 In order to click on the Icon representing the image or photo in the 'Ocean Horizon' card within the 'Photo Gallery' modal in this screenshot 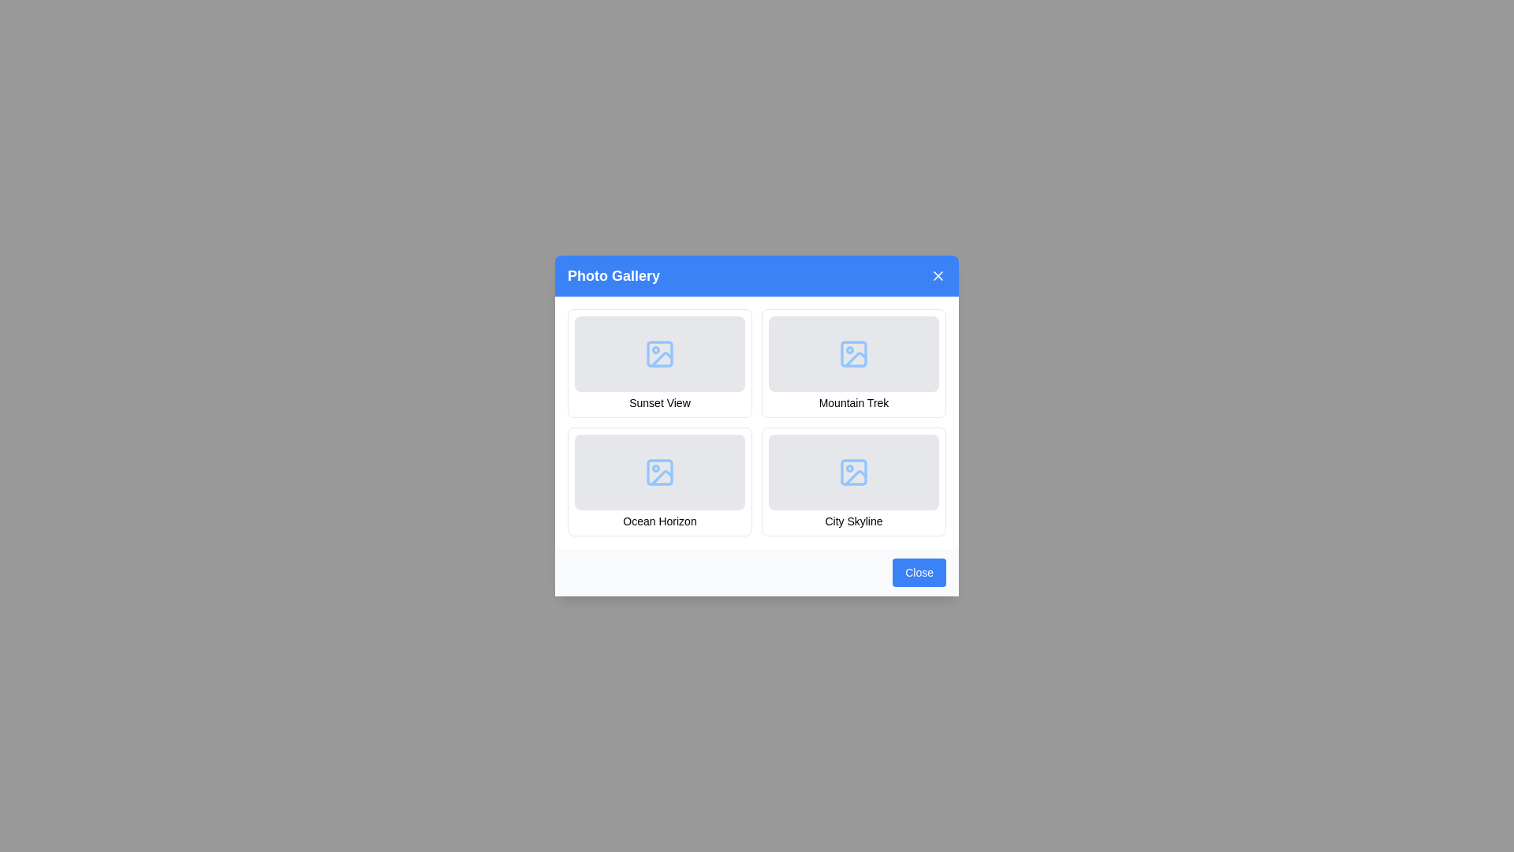, I will do `click(659, 471)`.